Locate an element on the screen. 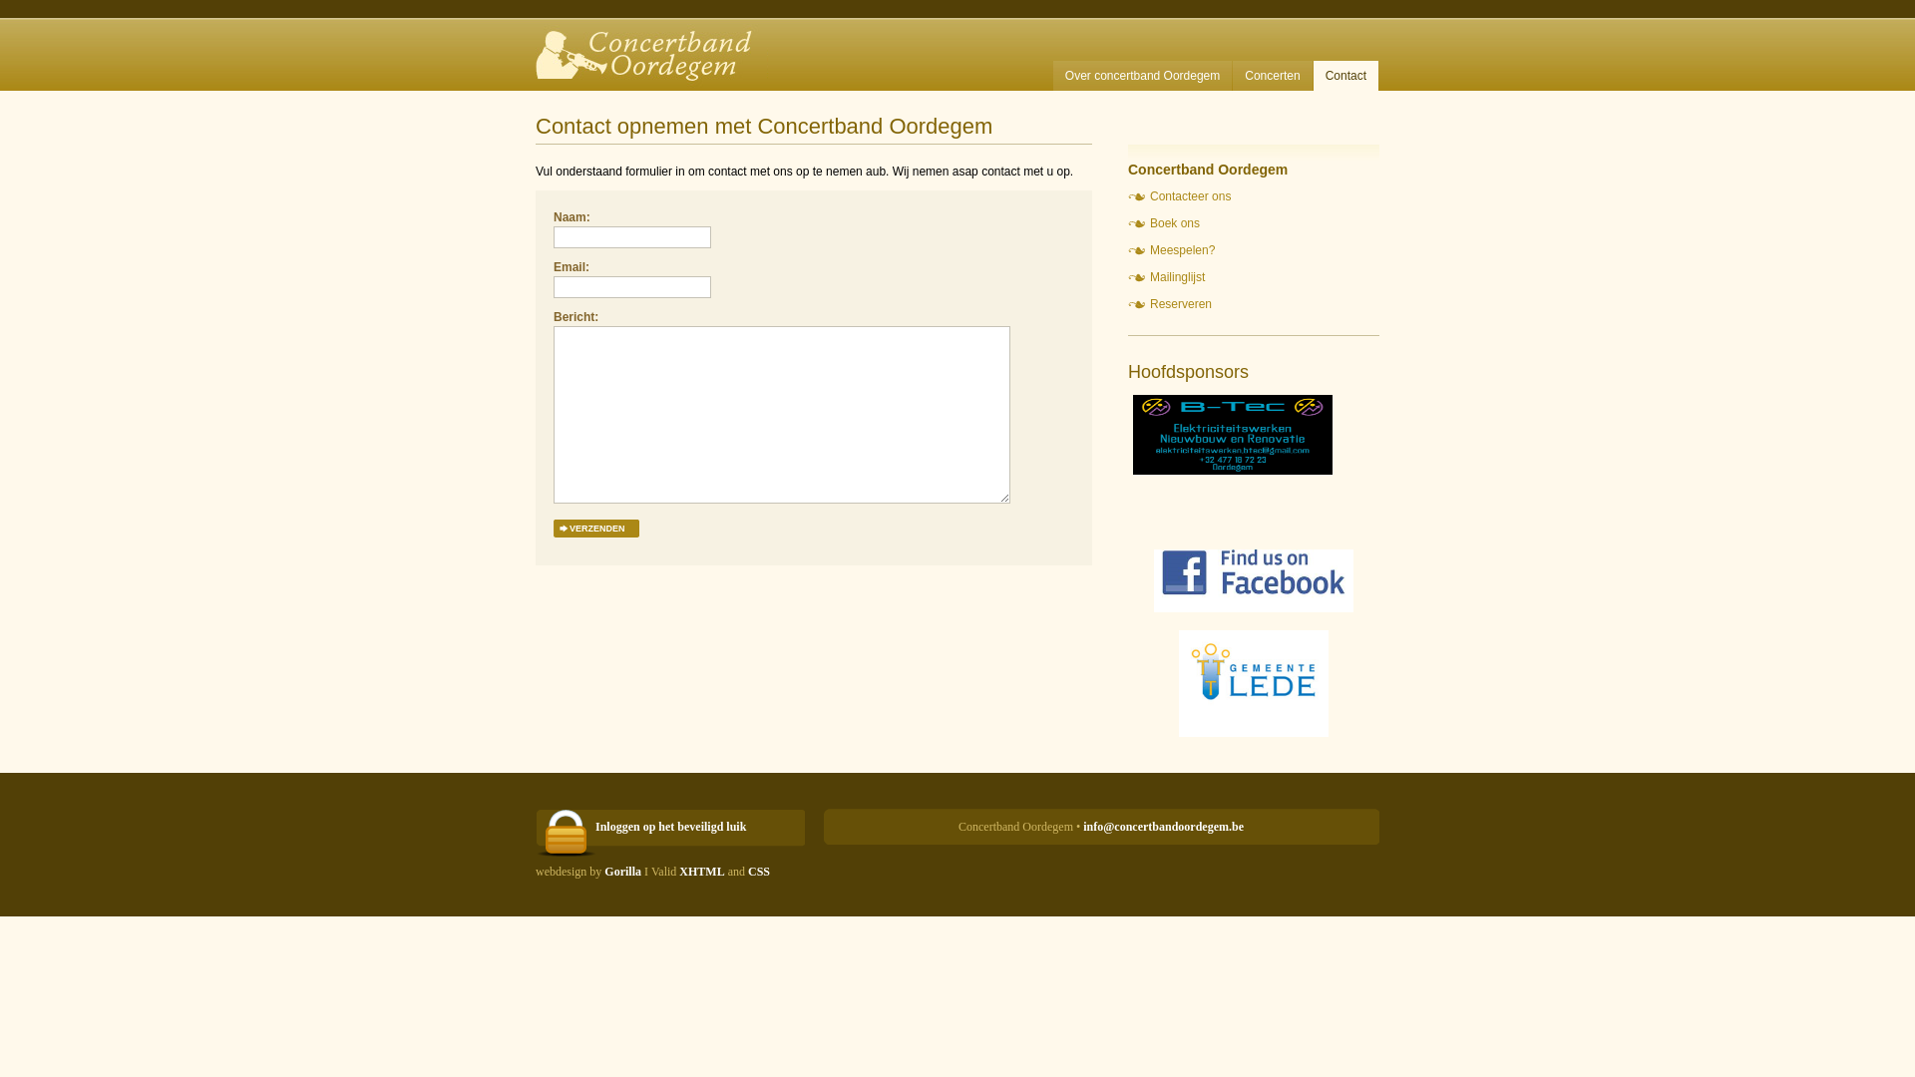 Image resolution: width=1915 pixels, height=1077 pixels. 'Concertband Oordegem' is located at coordinates (536, 45).